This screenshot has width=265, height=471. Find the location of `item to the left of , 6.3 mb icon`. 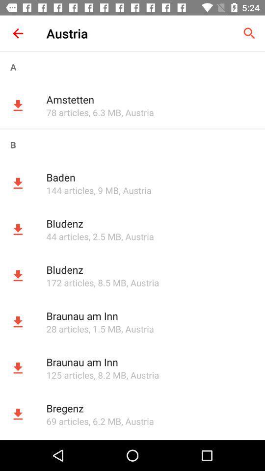

item to the left of , 6.3 mb icon is located at coordinates (67, 112).